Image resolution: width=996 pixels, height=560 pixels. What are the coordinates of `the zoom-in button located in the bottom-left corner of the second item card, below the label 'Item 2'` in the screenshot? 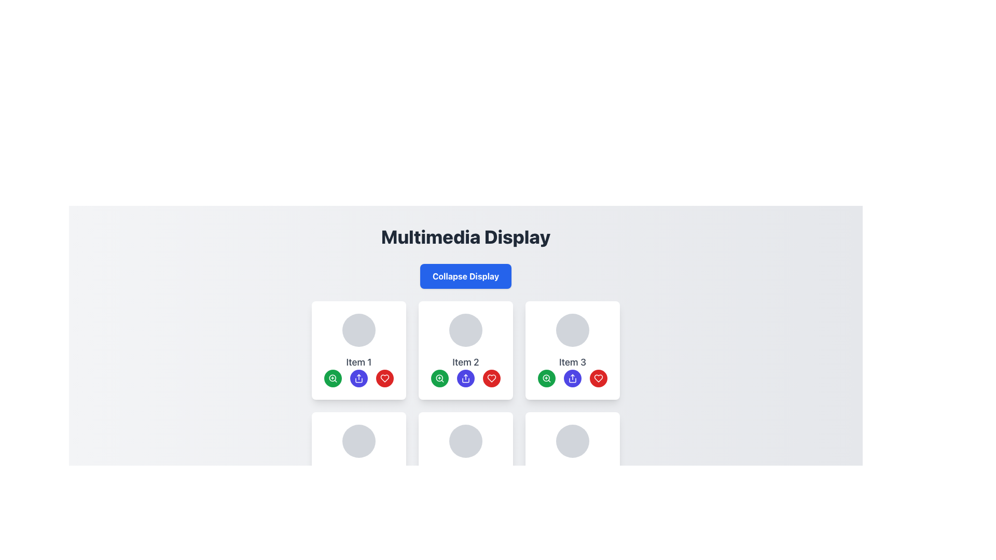 It's located at (440, 378).